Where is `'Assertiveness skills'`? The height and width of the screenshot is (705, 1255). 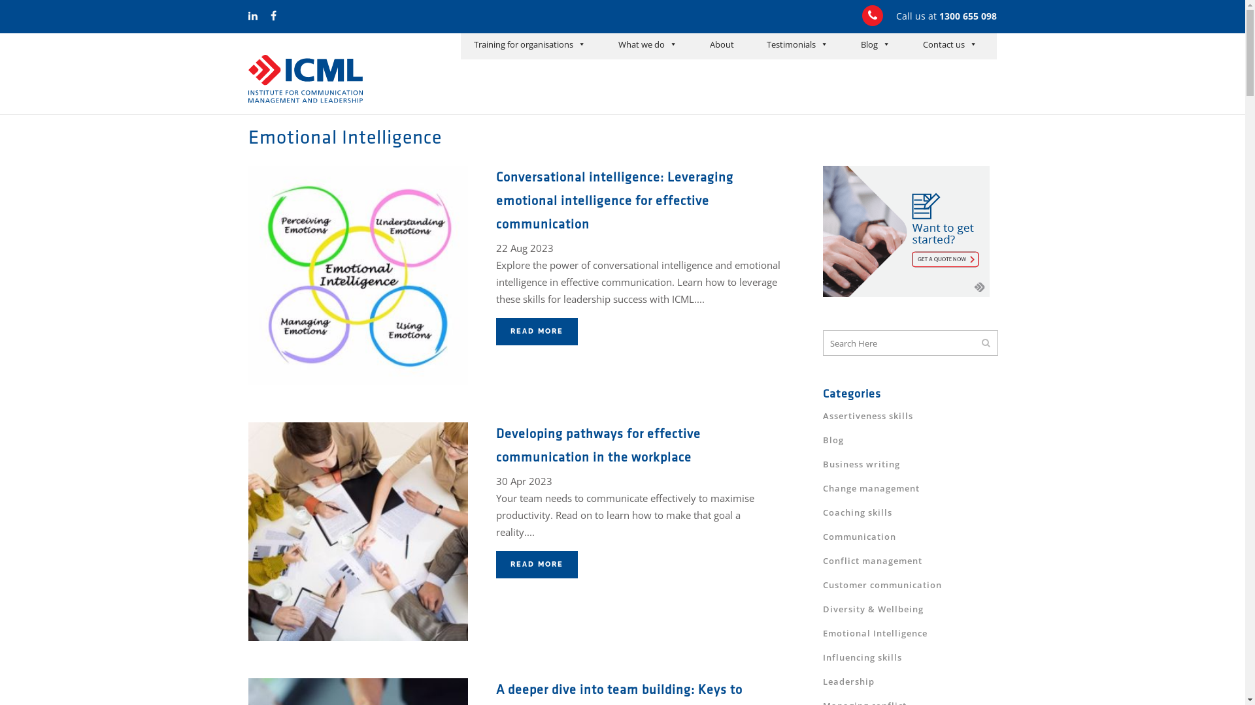
'Assertiveness skills' is located at coordinates (822, 415).